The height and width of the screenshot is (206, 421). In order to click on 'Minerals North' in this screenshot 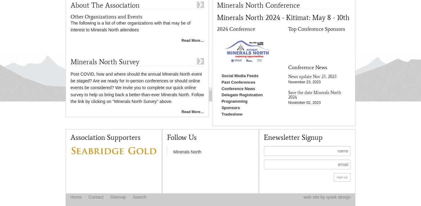, I will do `click(187, 151)`.